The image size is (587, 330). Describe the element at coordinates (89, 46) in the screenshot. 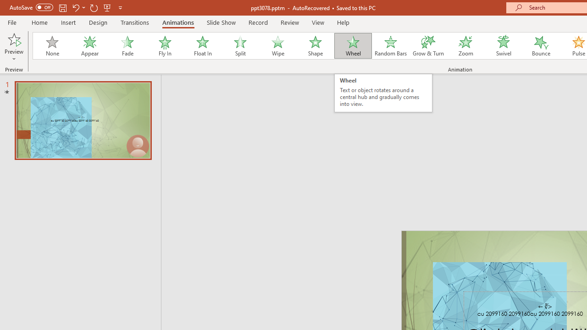

I see `'Appear'` at that location.